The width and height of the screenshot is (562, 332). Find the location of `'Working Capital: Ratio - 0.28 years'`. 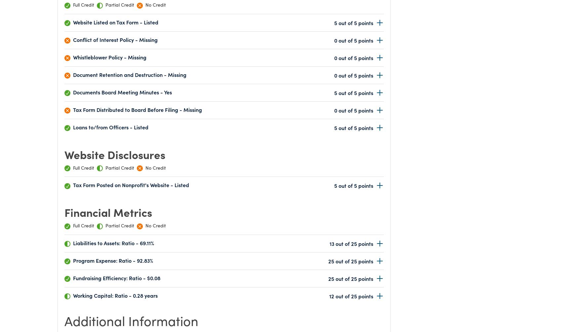

'Working Capital: Ratio - 0.28 years' is located at coordinates (73, 295).